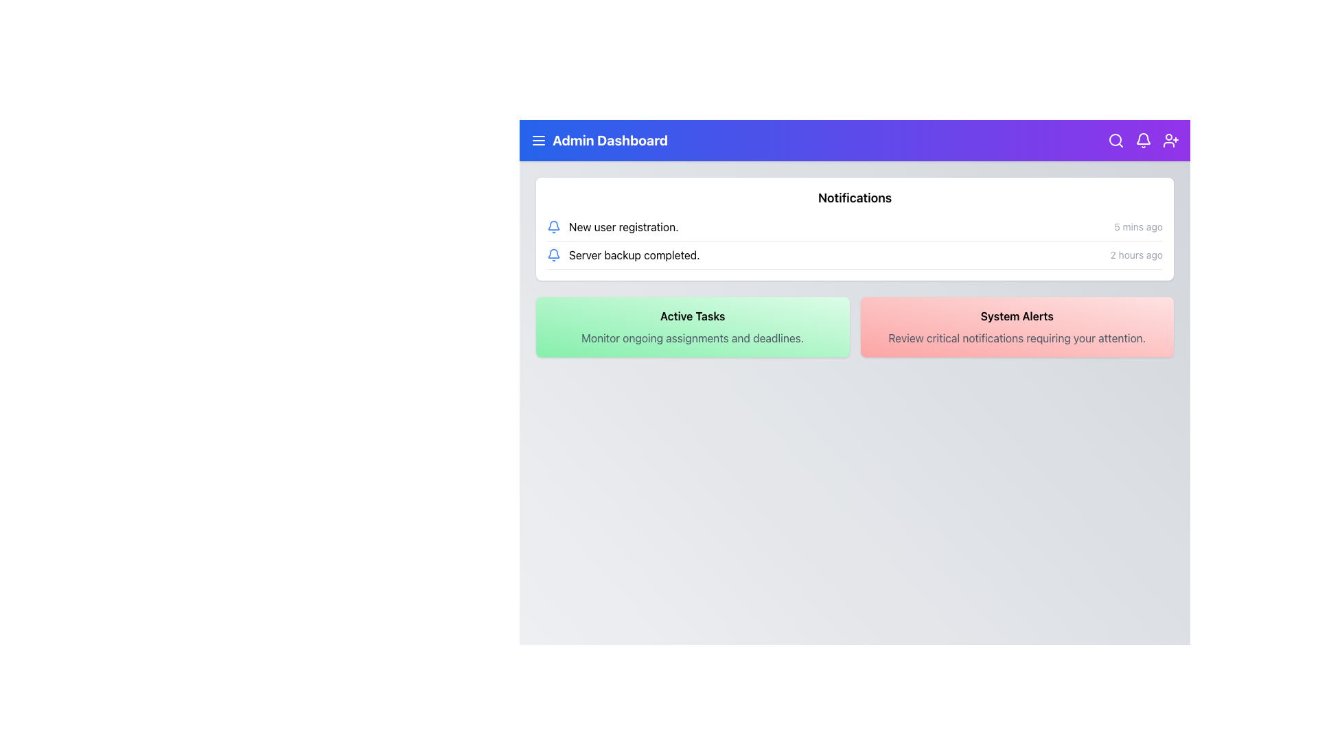 The height and width of the screenshot is (741, 1318). What do you see at coordinates (1116, 140) in the screenshot?
I see `the search icon button located in the top-right corner of the header bar` at bounding box center [1116, 140].